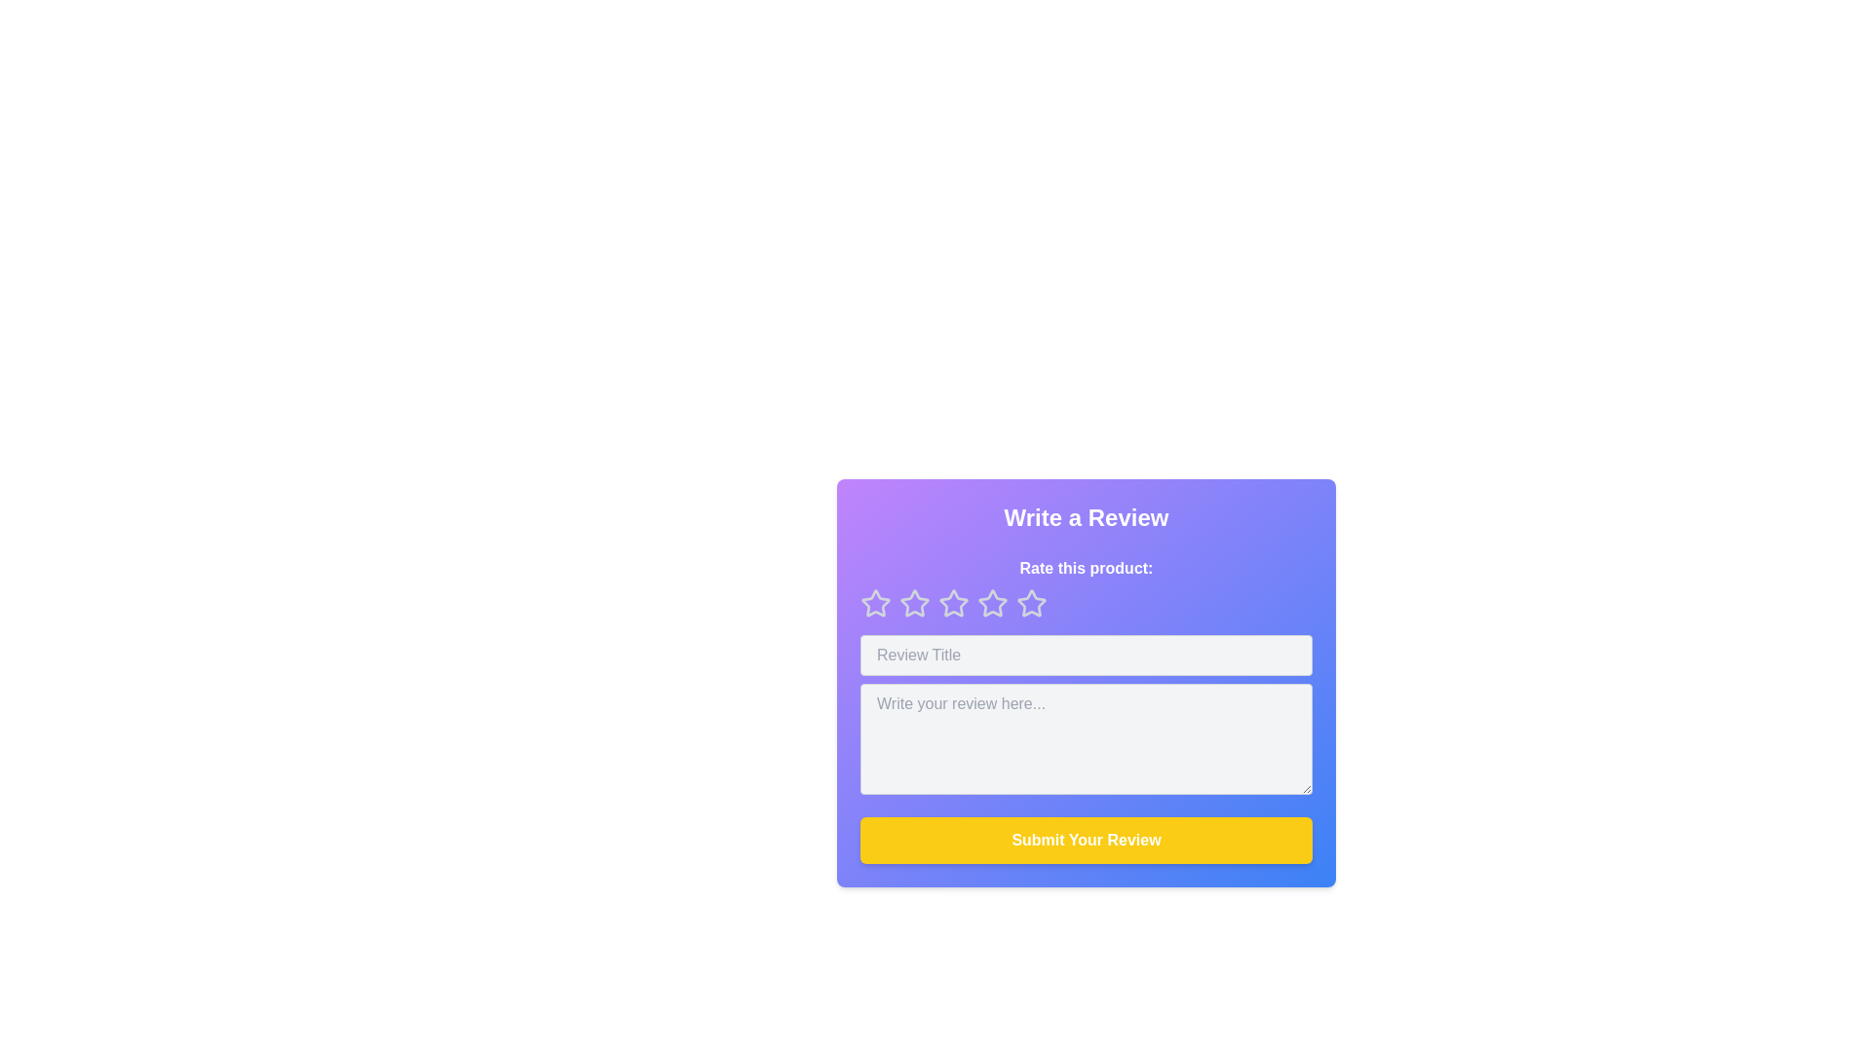  What do you see at coordinates (912, 601) in the screenshot?
I see `the first star icon used for rating, located beneath 'Rate this product:' to provide a one-star rating` at bounding box center [912, 601].